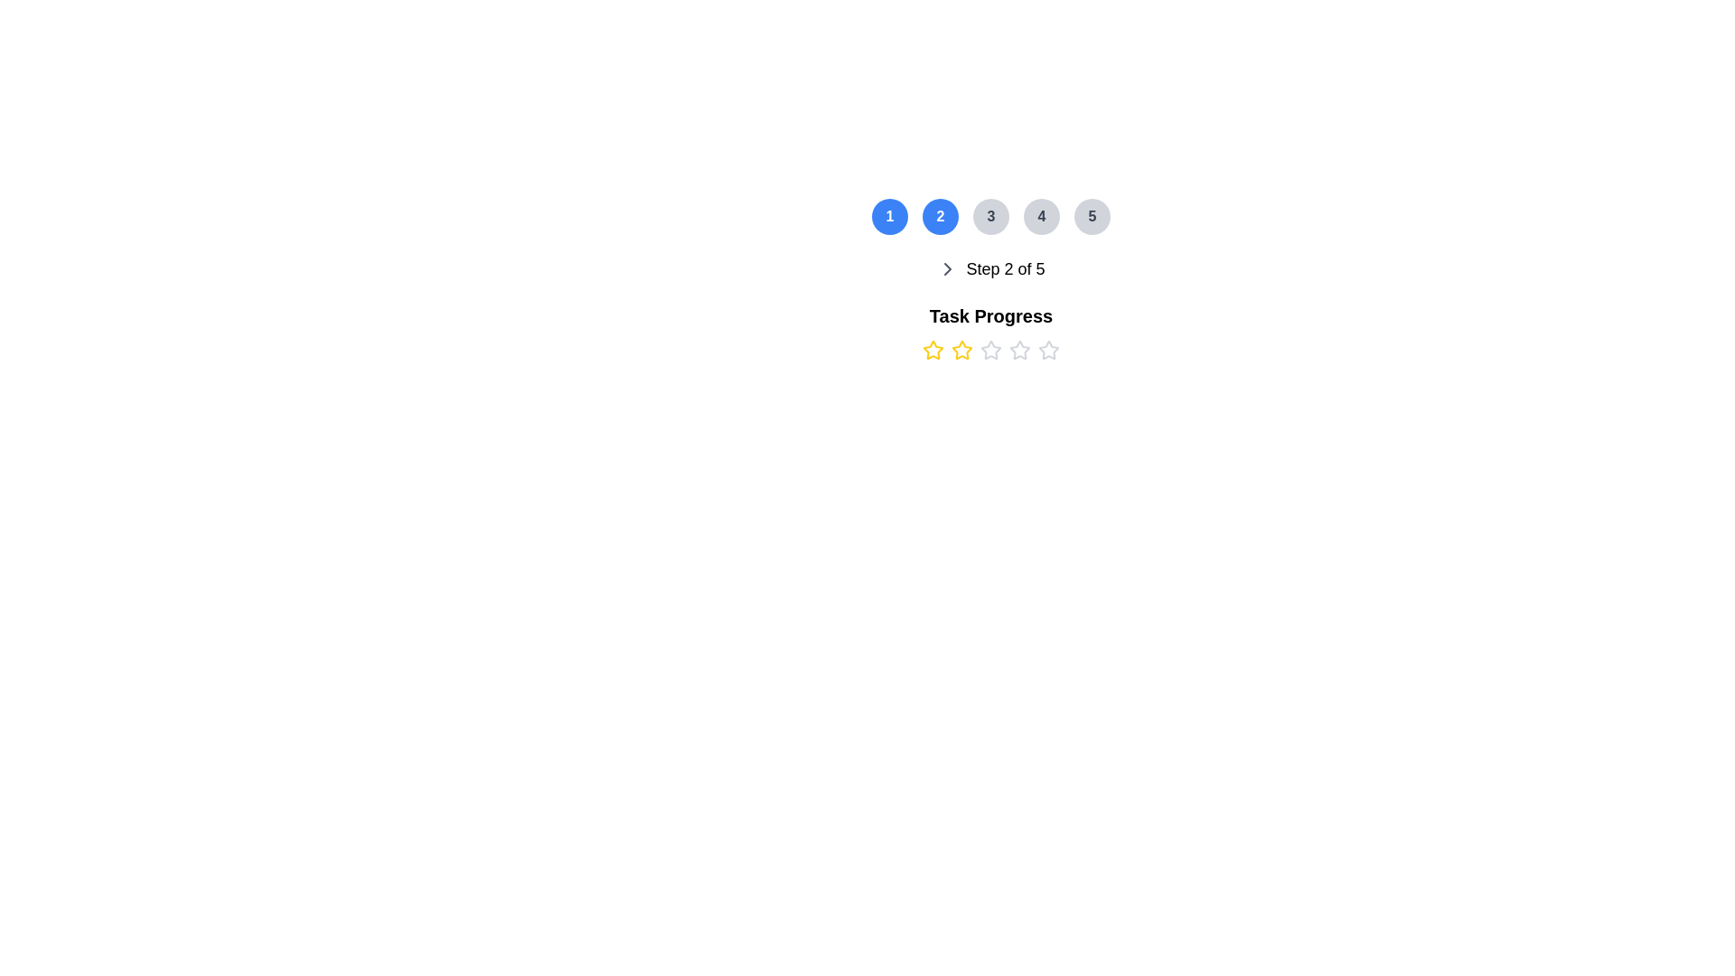  Describe the element at coordinates (990, 350) in the screenshot. I see `the third star icon in the sequence of five stars below the 'Task Progress' label` at that location.